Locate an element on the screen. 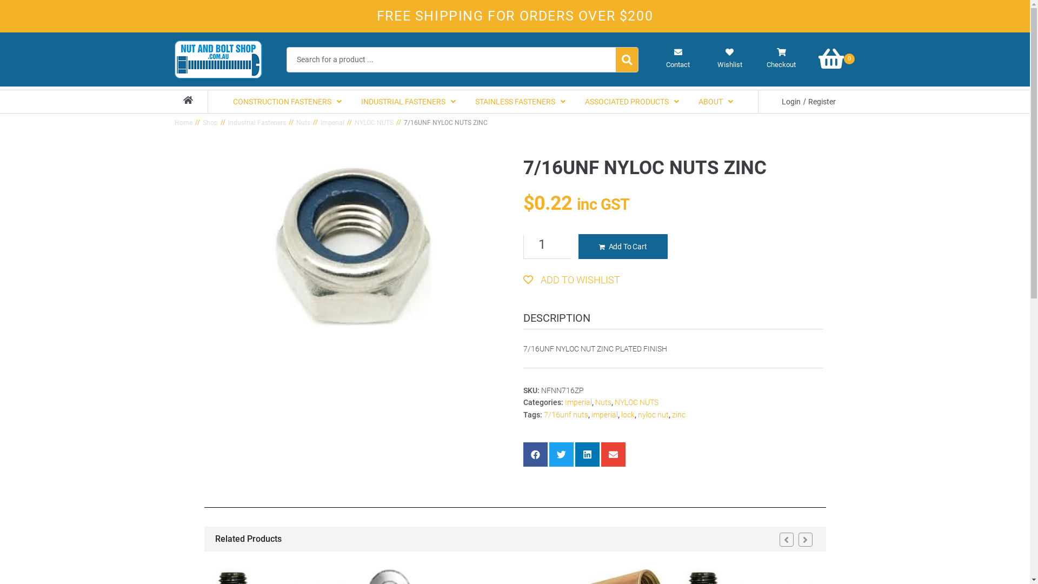 This screenshot has height=584, width=1038. 'lock' is located at coordinates (627, 414).